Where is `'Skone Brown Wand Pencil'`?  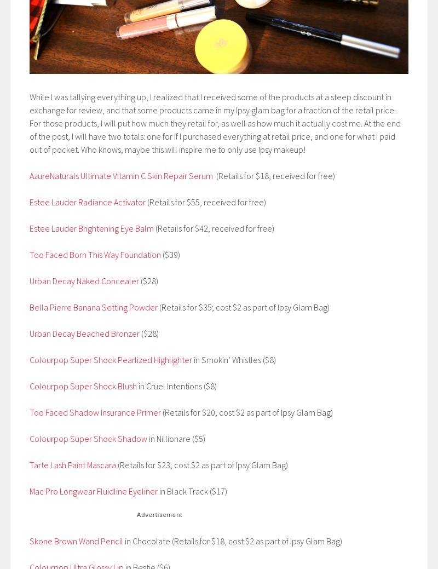
'Skone Brown Wand Pencil' is located at coordinates (29, 541).